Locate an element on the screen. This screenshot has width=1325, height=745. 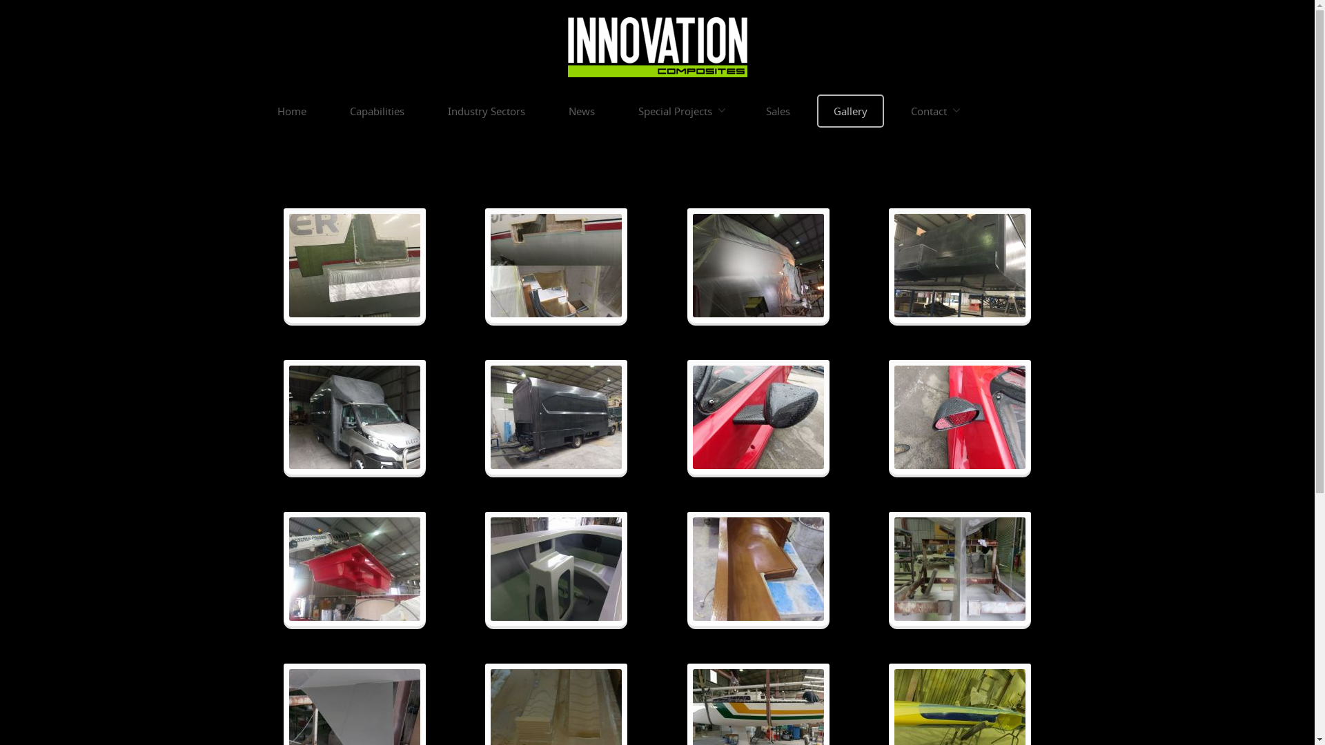
'Contact' is located at coordinates (934, 110).